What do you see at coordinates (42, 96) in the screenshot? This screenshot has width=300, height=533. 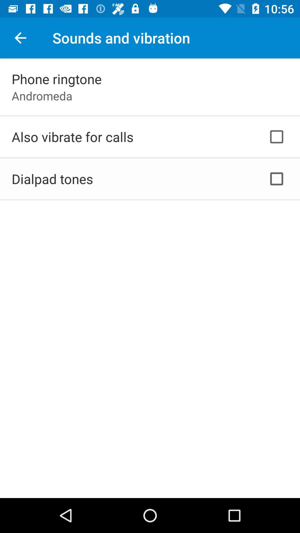 I see `the item below the phone ringtone app` at bounding box center [42, 96].